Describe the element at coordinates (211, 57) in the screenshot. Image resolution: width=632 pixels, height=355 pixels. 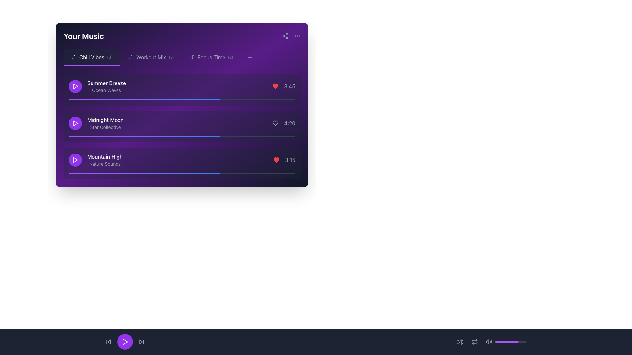
I see `the 'Focus Time' text label, which is the third item in the horizontal list at the top of the music interface` at that location.